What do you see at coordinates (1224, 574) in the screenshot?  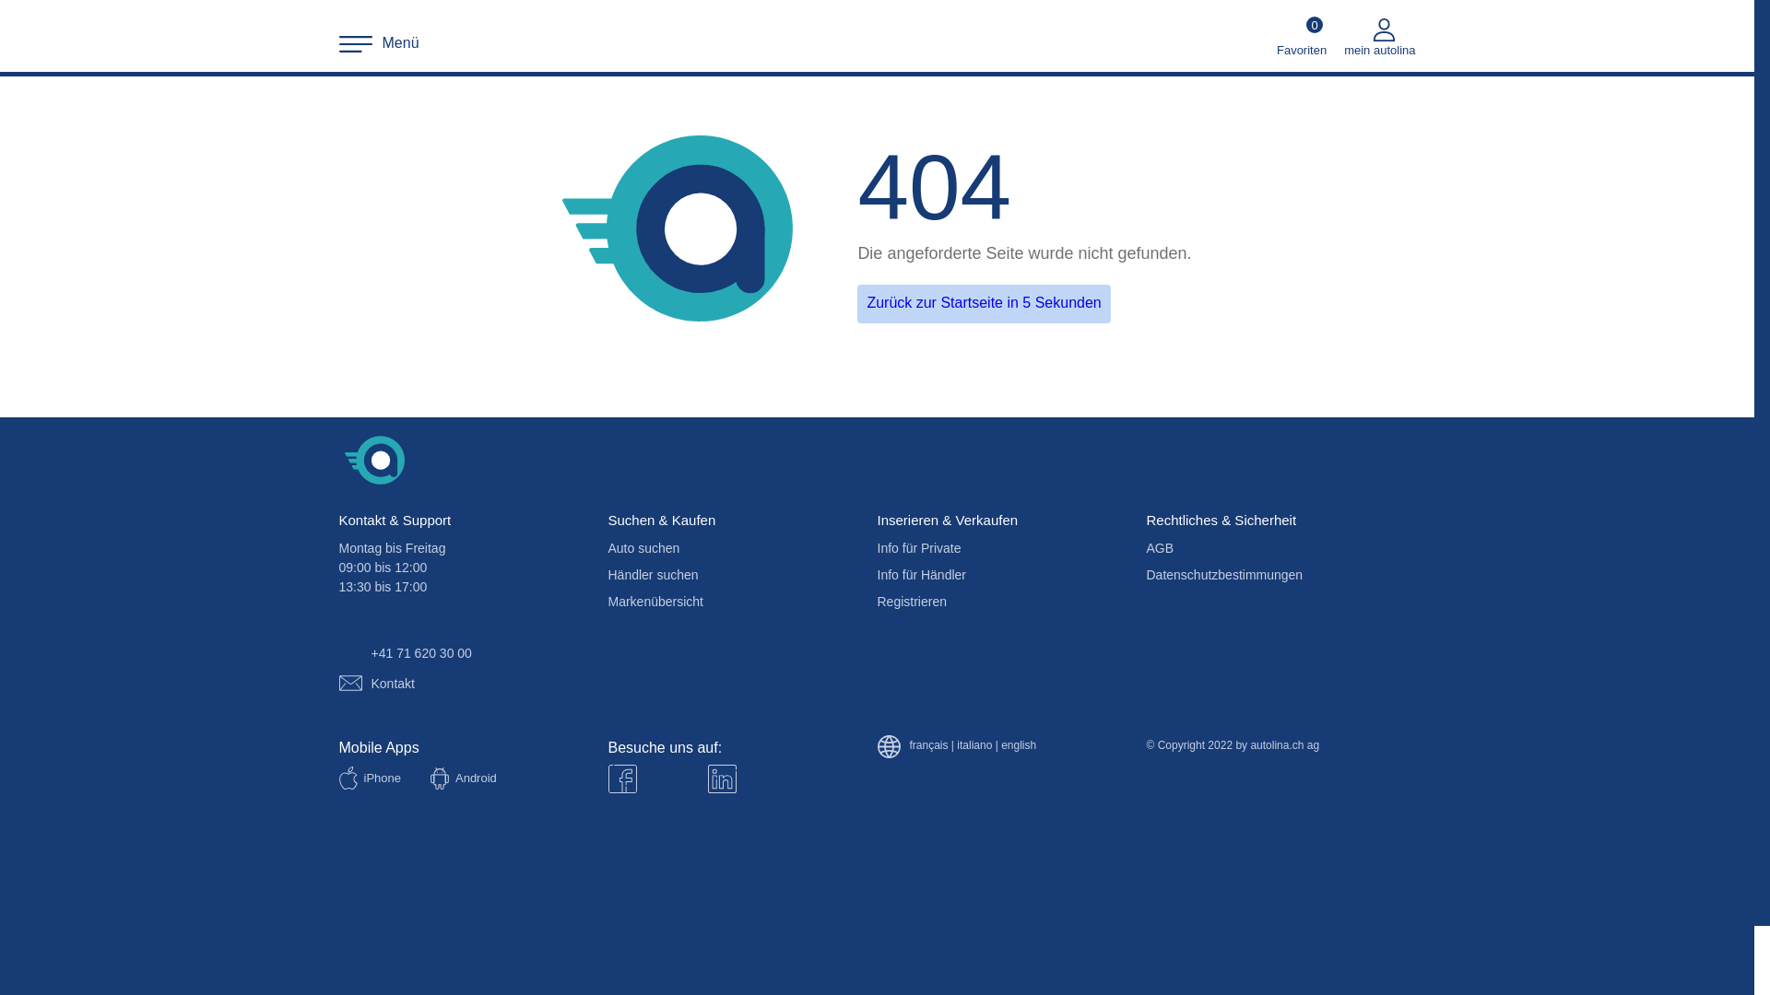 I see `'Datenschutzbestimmungen'` at bounding box center [1224, 574].